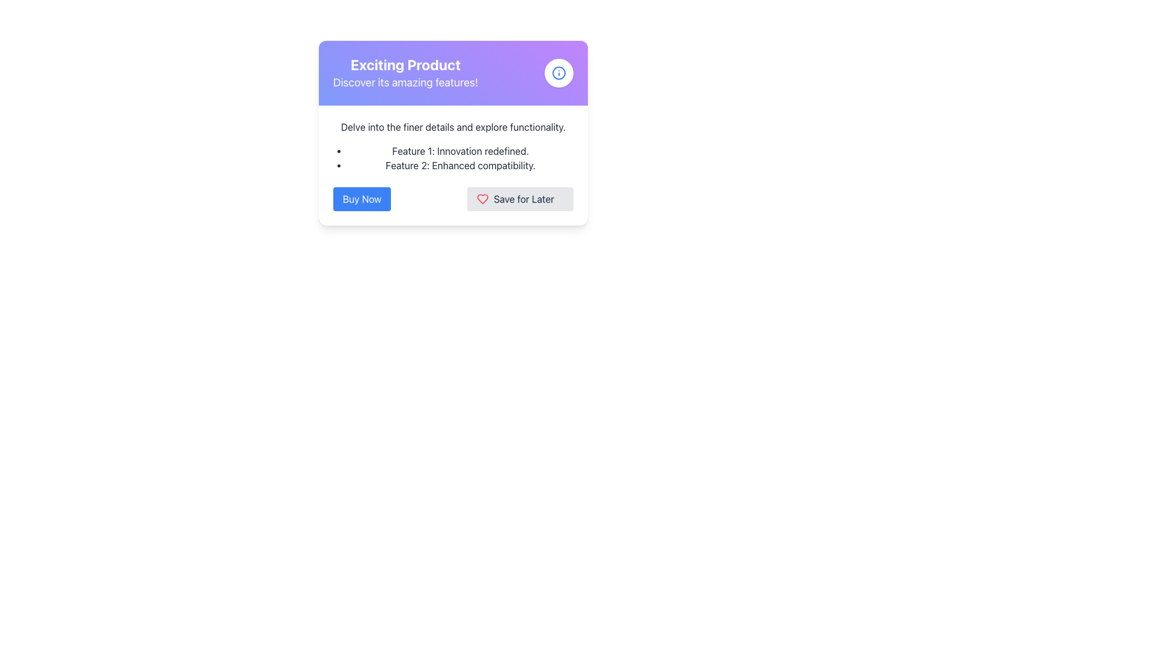  What do you see at coordinates (405, 73) in the screenshot?
I see `text located at the top-left corner of the card layout, which serves as the title and subtitle for the content promoted by the card` at bounding box center [405, 73].